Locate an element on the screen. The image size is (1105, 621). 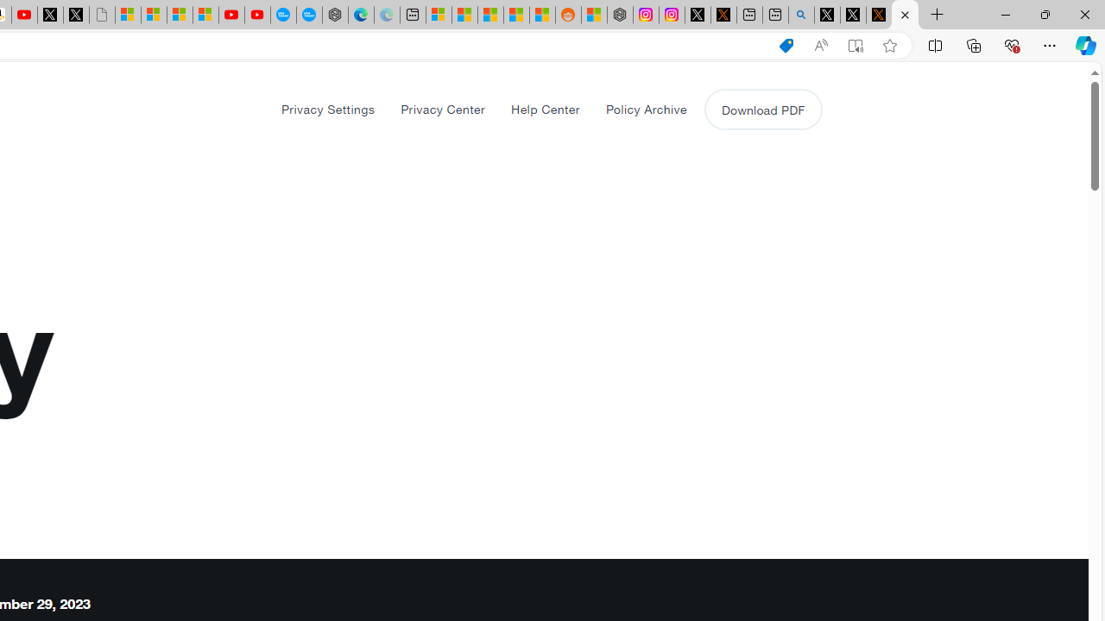
'Policy Archive' is located at coordinates (645, 109).